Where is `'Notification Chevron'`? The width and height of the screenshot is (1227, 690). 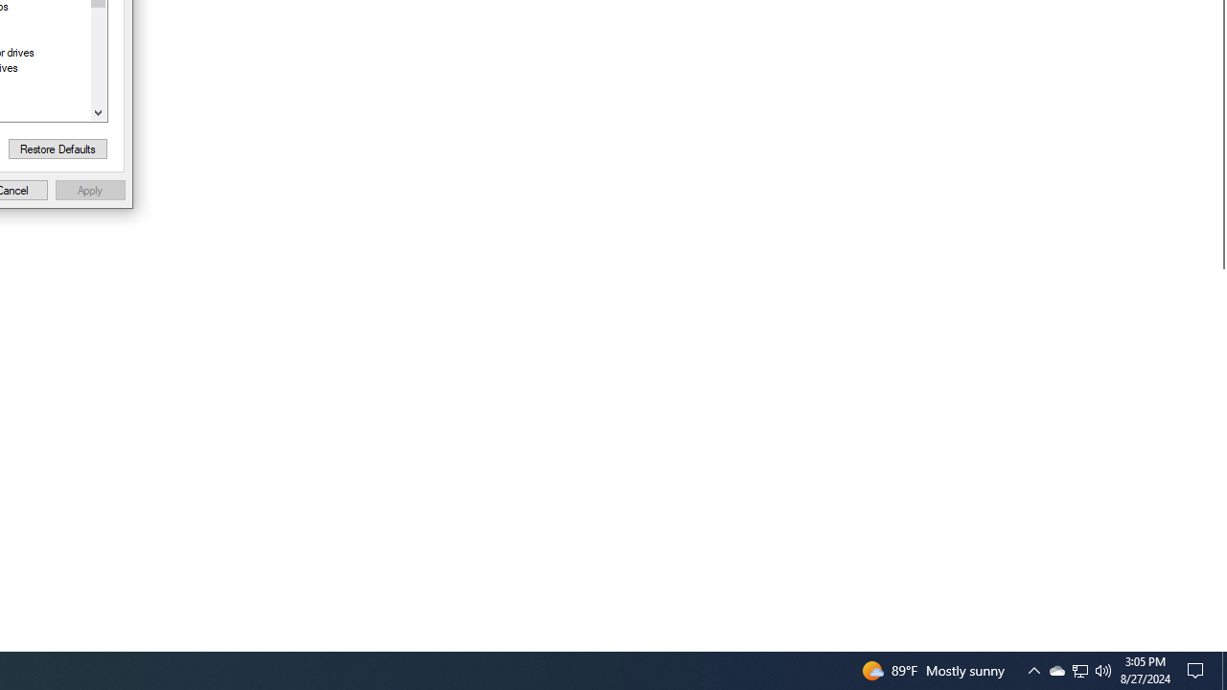 'Notification Chevron' is located at coordinates (1033, 669).